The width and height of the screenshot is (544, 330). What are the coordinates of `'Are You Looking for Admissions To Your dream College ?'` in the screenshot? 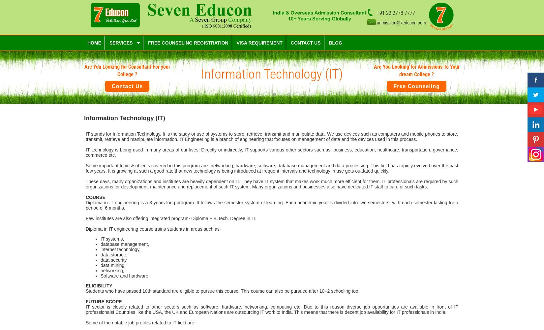 It's located at (416, 70).